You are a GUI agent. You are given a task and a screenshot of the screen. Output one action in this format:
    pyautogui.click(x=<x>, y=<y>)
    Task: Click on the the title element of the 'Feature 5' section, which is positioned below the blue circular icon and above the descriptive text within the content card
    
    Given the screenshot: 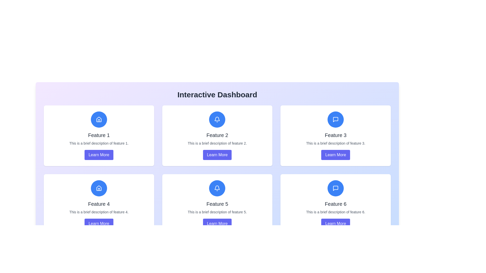 What is the action you would take?
    pyautogui.click(x=217, y=203)
    